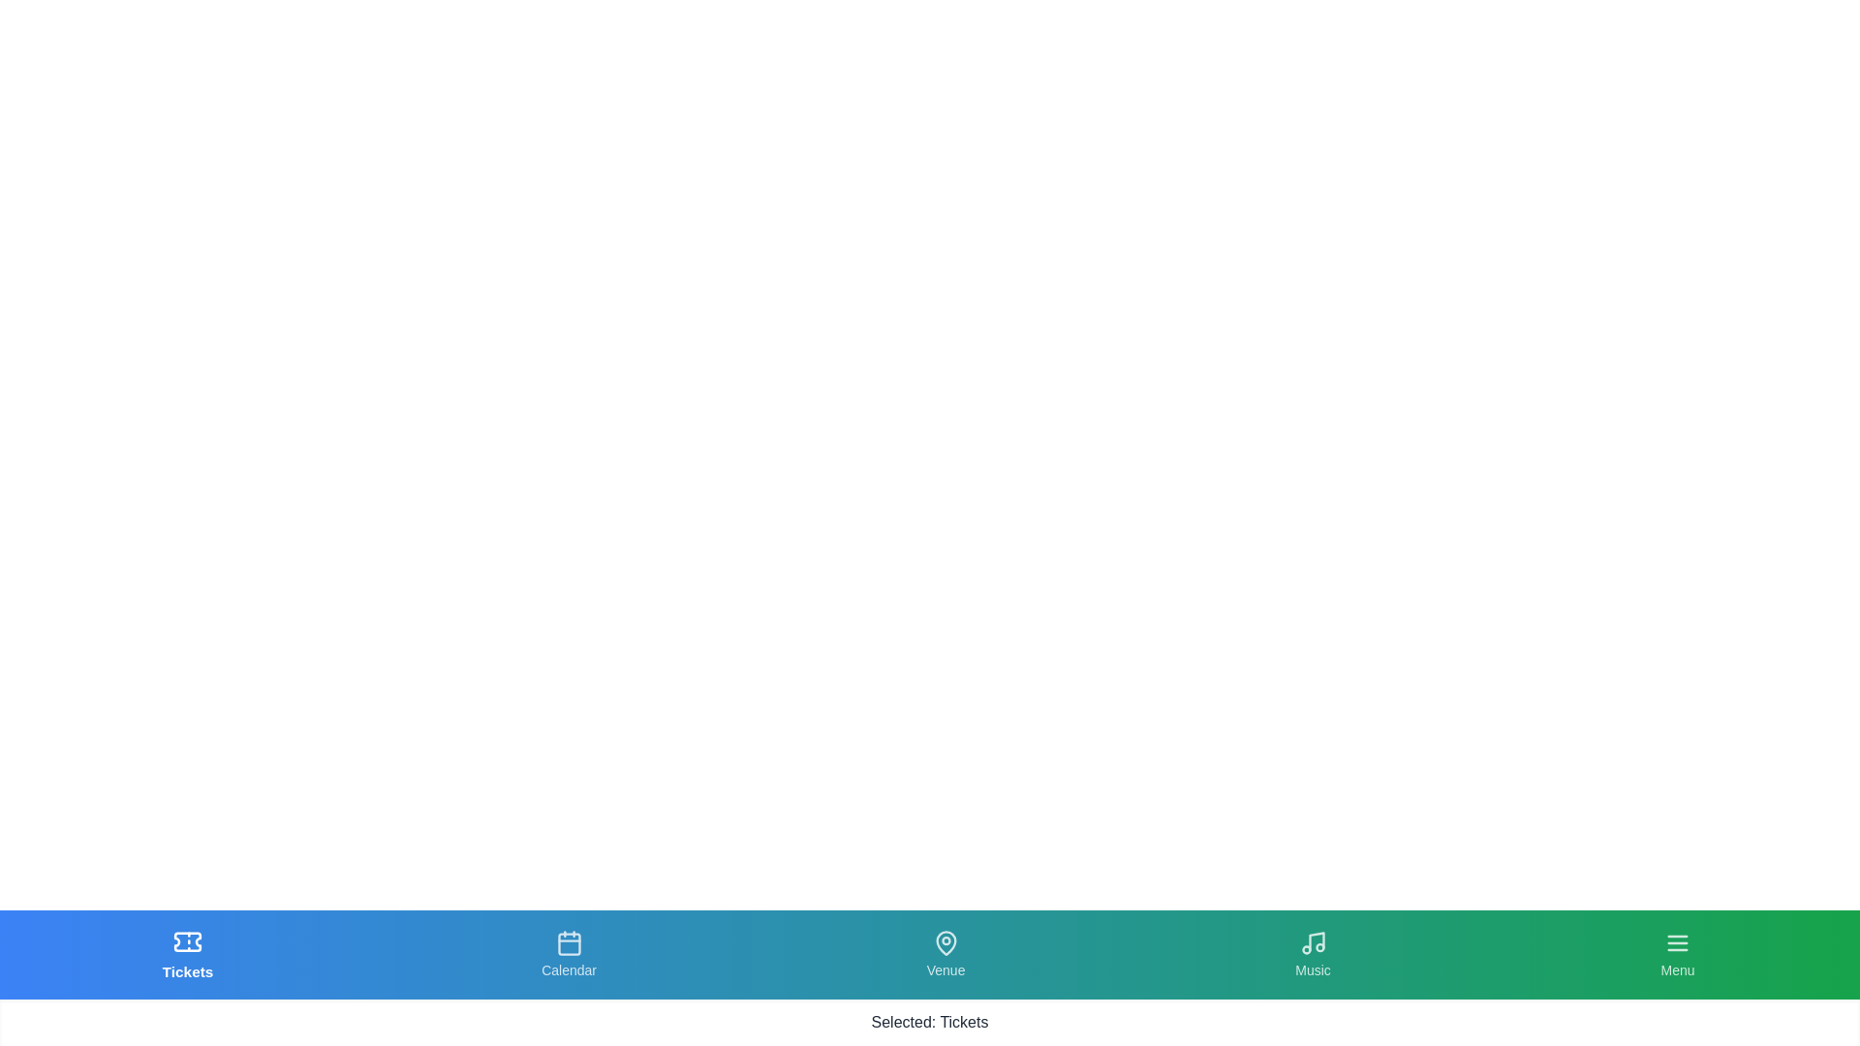  What do you see at coordinates (1677, 954) in the screenshot?
I see `the tab labeled Menu to observe its hover effect` at bounding box center [1677, 954].